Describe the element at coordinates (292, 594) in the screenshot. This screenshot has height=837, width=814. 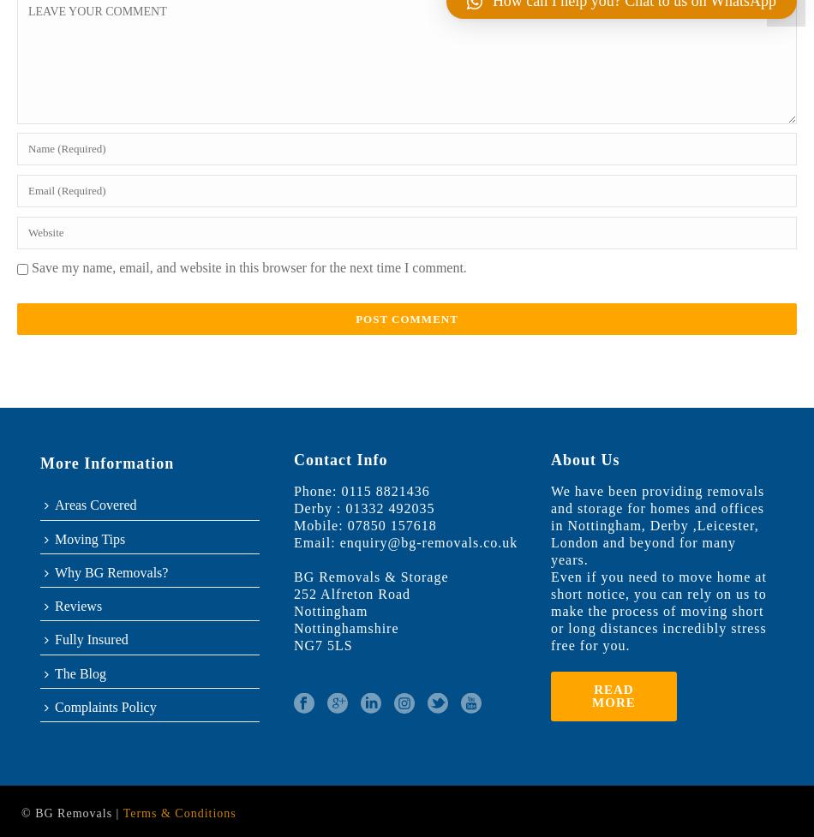
I see `'252 Alfreton Road'` at that location.